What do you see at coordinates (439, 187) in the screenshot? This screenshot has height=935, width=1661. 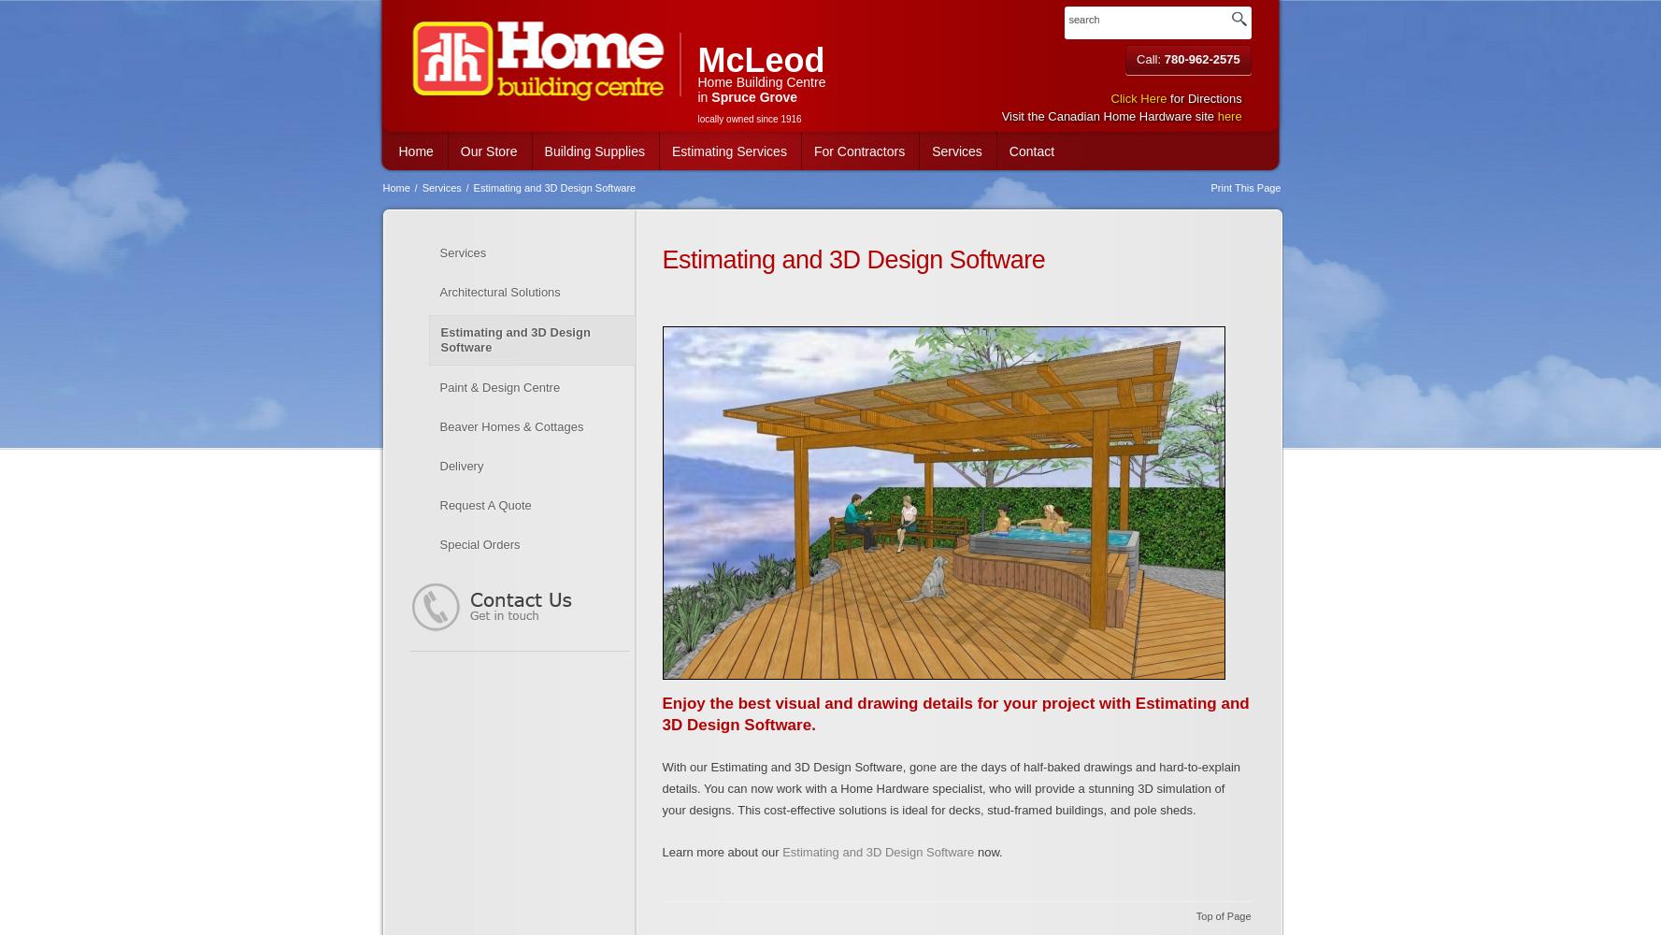 I see `'Services'` at bounding box center [439, 187].